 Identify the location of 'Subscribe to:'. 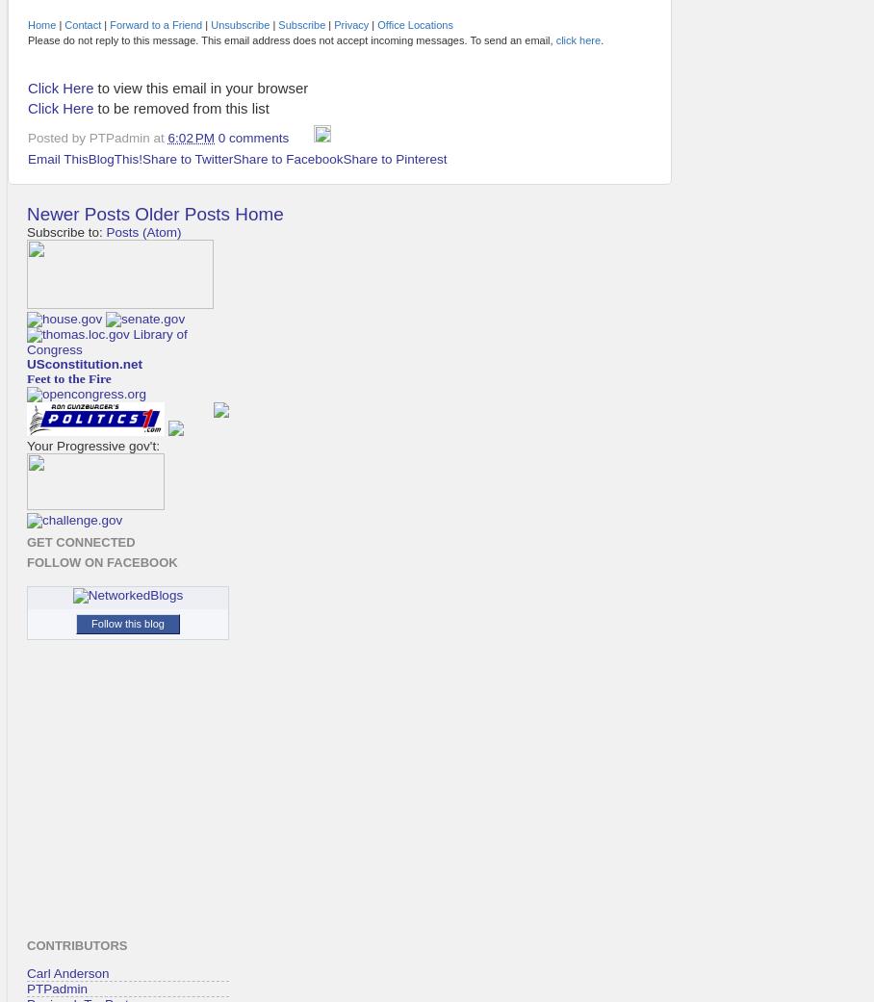
(66, 231).